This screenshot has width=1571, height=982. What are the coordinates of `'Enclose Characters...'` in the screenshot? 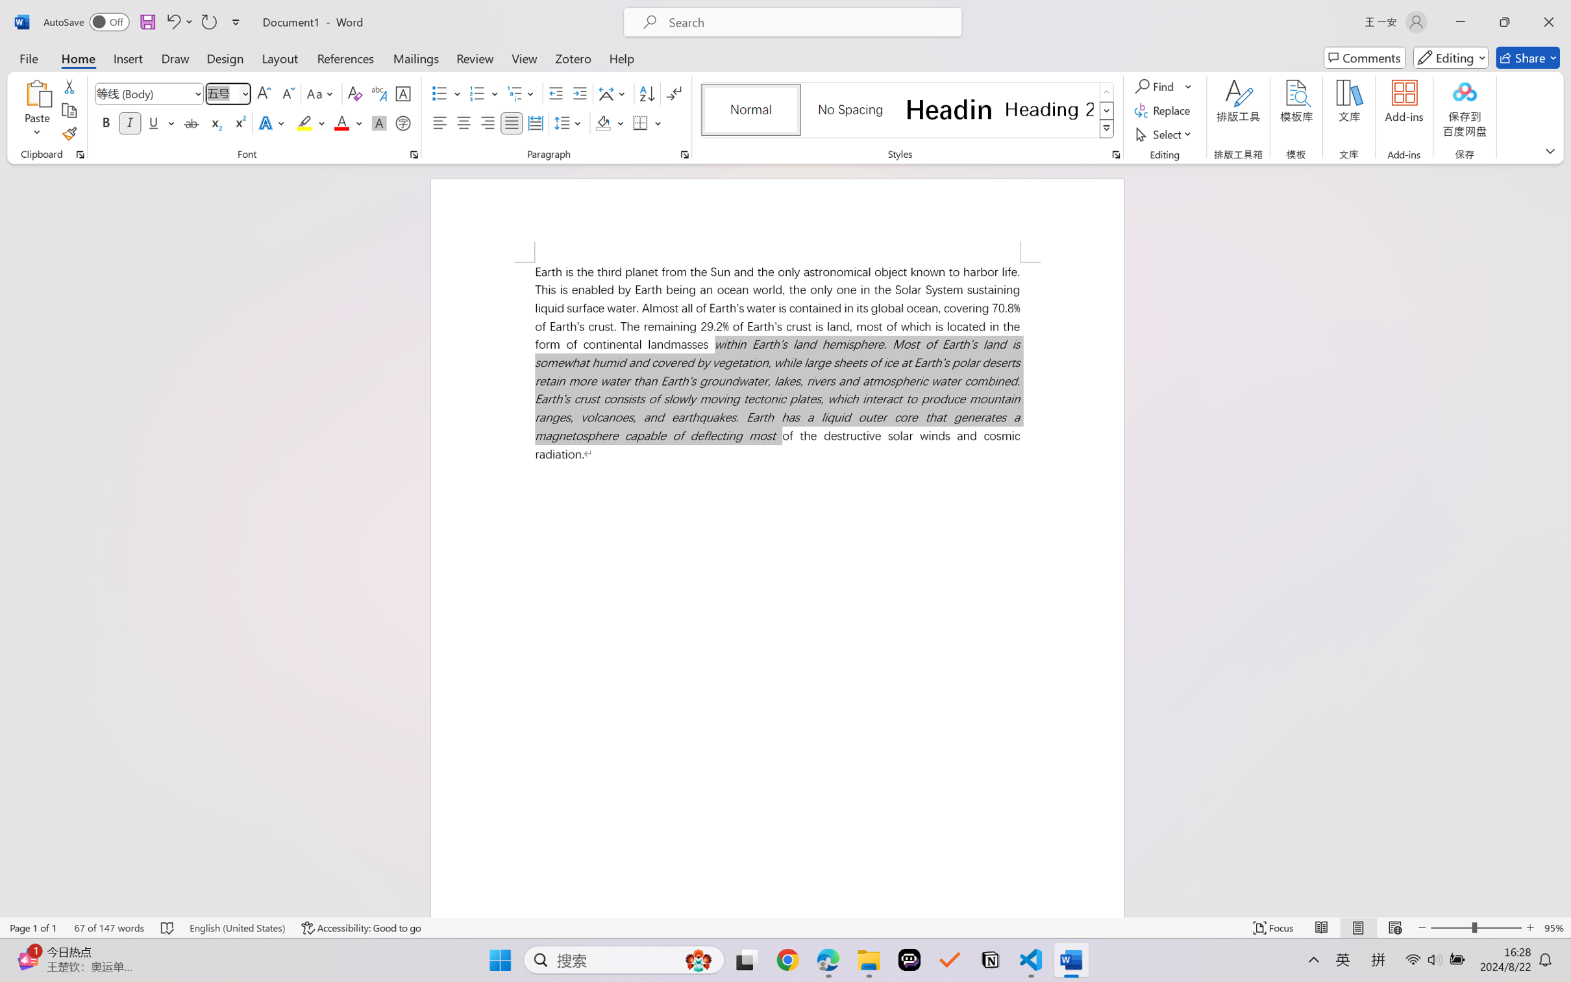 It's located at (403, 122).